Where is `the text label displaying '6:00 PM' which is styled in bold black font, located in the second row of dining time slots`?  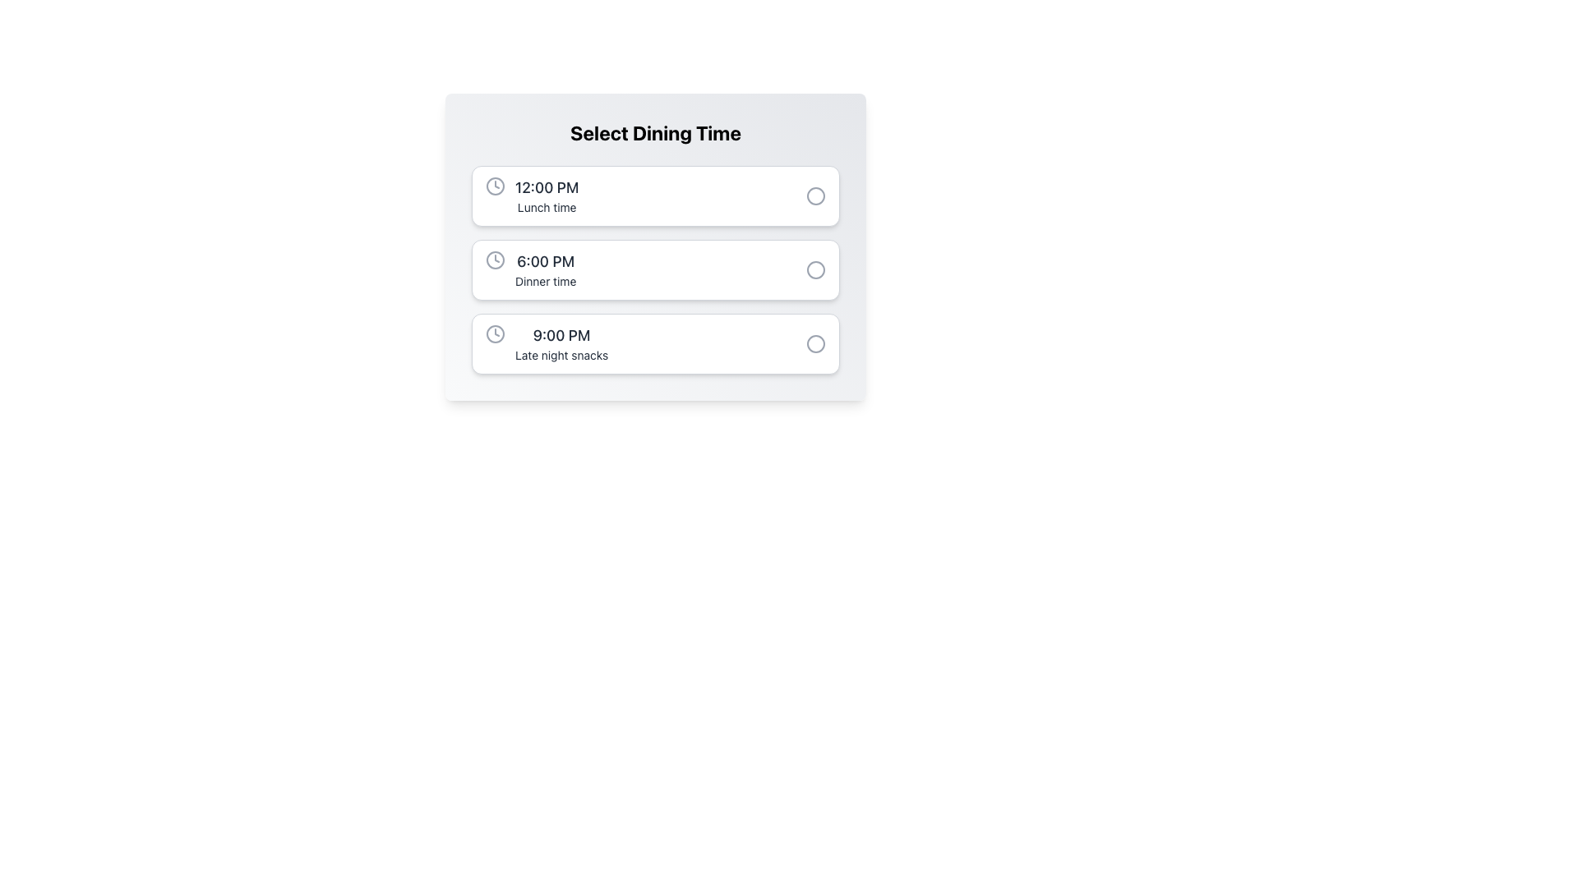
the text label displaying '6:00 PM' which is styled in bold black font, located in the second row of dining time slots is located at coordinates (546, 261).